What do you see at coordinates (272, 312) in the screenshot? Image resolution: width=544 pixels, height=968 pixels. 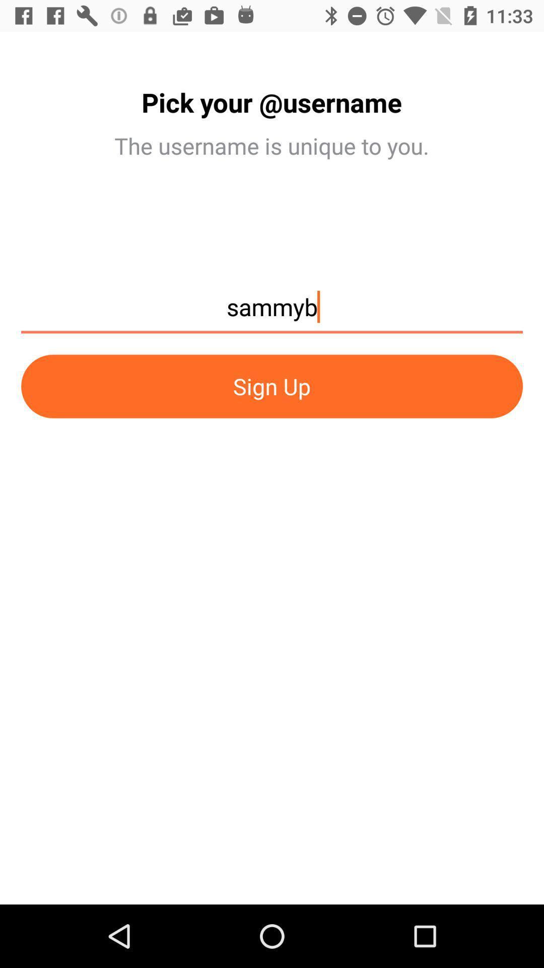 I see `item below the the username is` at bounding box center [272, 312].